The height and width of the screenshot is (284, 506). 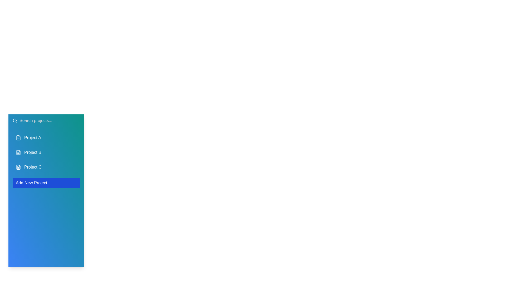 What do you see at coordinates (46, 182) in the screenshot?
I see `the 'Add New Project' button` at bounding box center [46, 182].